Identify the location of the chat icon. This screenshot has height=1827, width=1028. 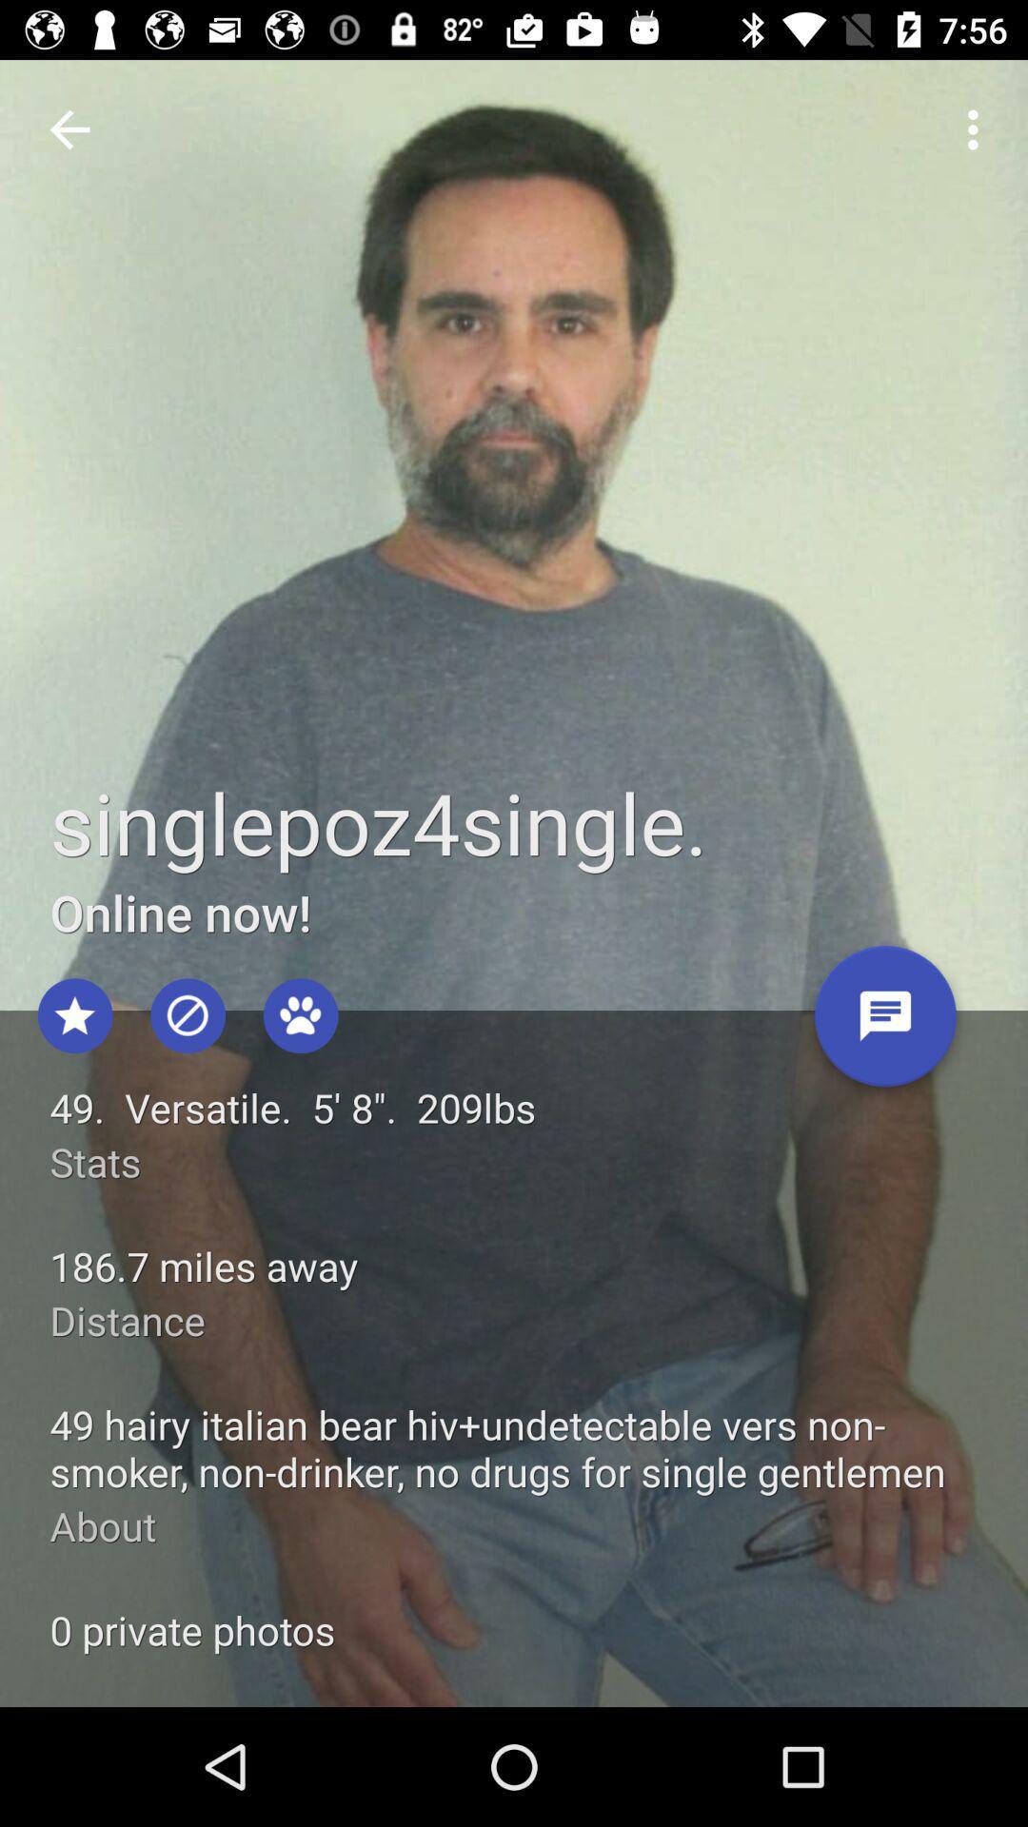
(885, 1022).